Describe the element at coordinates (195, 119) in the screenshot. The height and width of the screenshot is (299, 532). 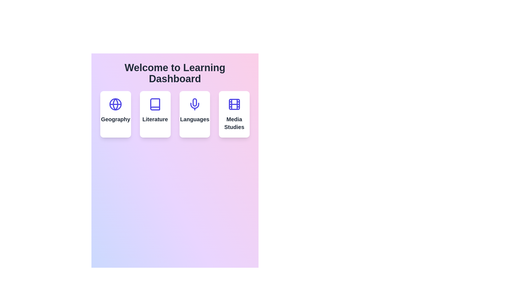
I see `the text label that indicates the content or purpose of the associated card related to languages, located below a microphone icon within the third card of a row of four cards` at that location.